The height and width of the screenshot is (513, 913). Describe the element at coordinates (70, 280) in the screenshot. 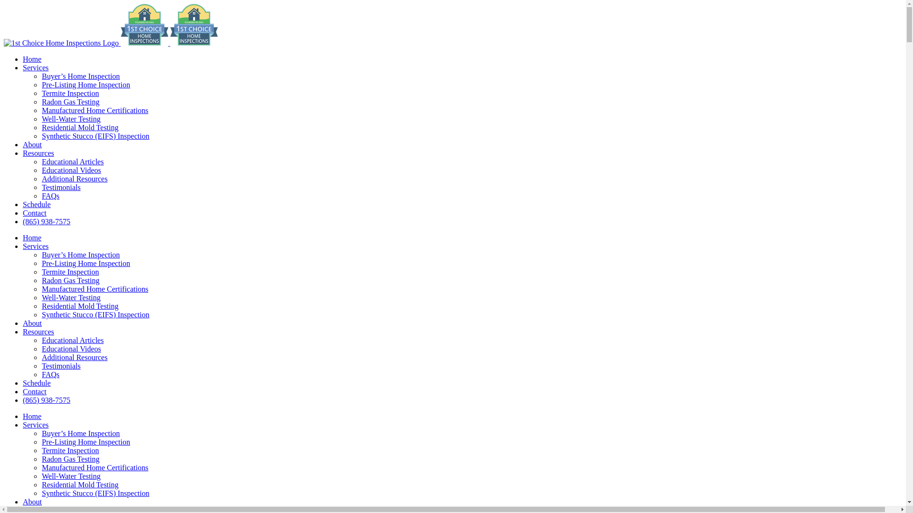

I see `'Radon Gas Testing'` at that location.